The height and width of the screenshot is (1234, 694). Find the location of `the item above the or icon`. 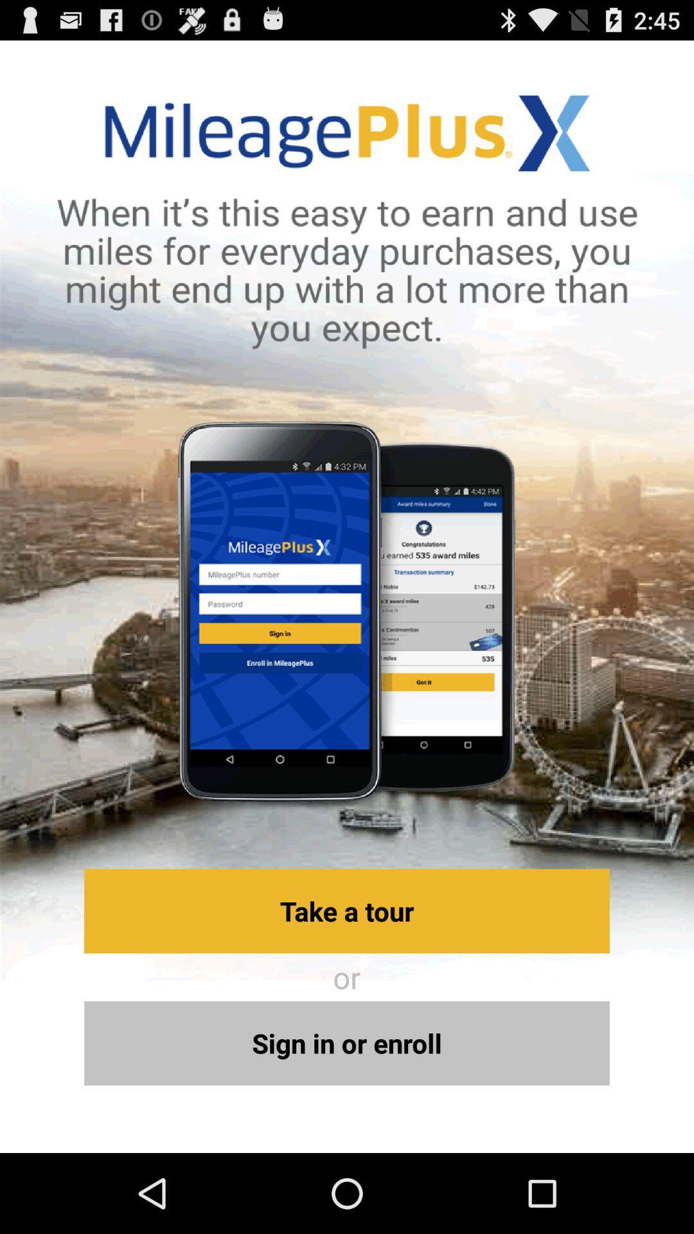

the item above the or icon is located at coordinates (347, 910).